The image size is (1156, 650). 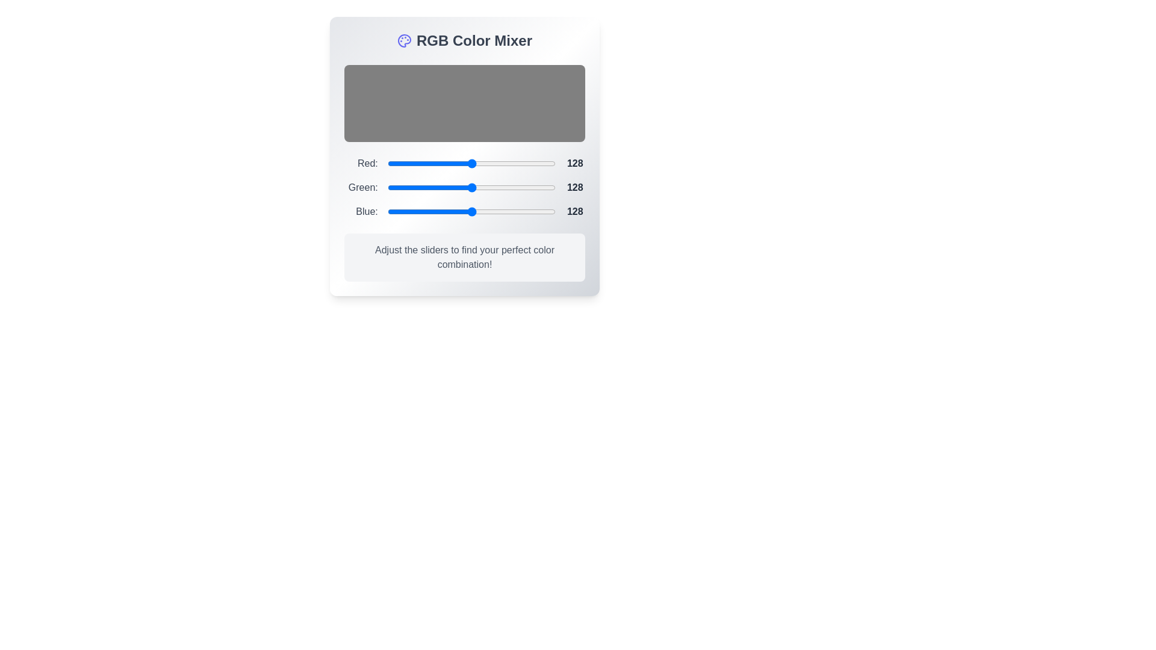 I want to click on the 1 slider to a value of 99, so click(x=504, y=188).